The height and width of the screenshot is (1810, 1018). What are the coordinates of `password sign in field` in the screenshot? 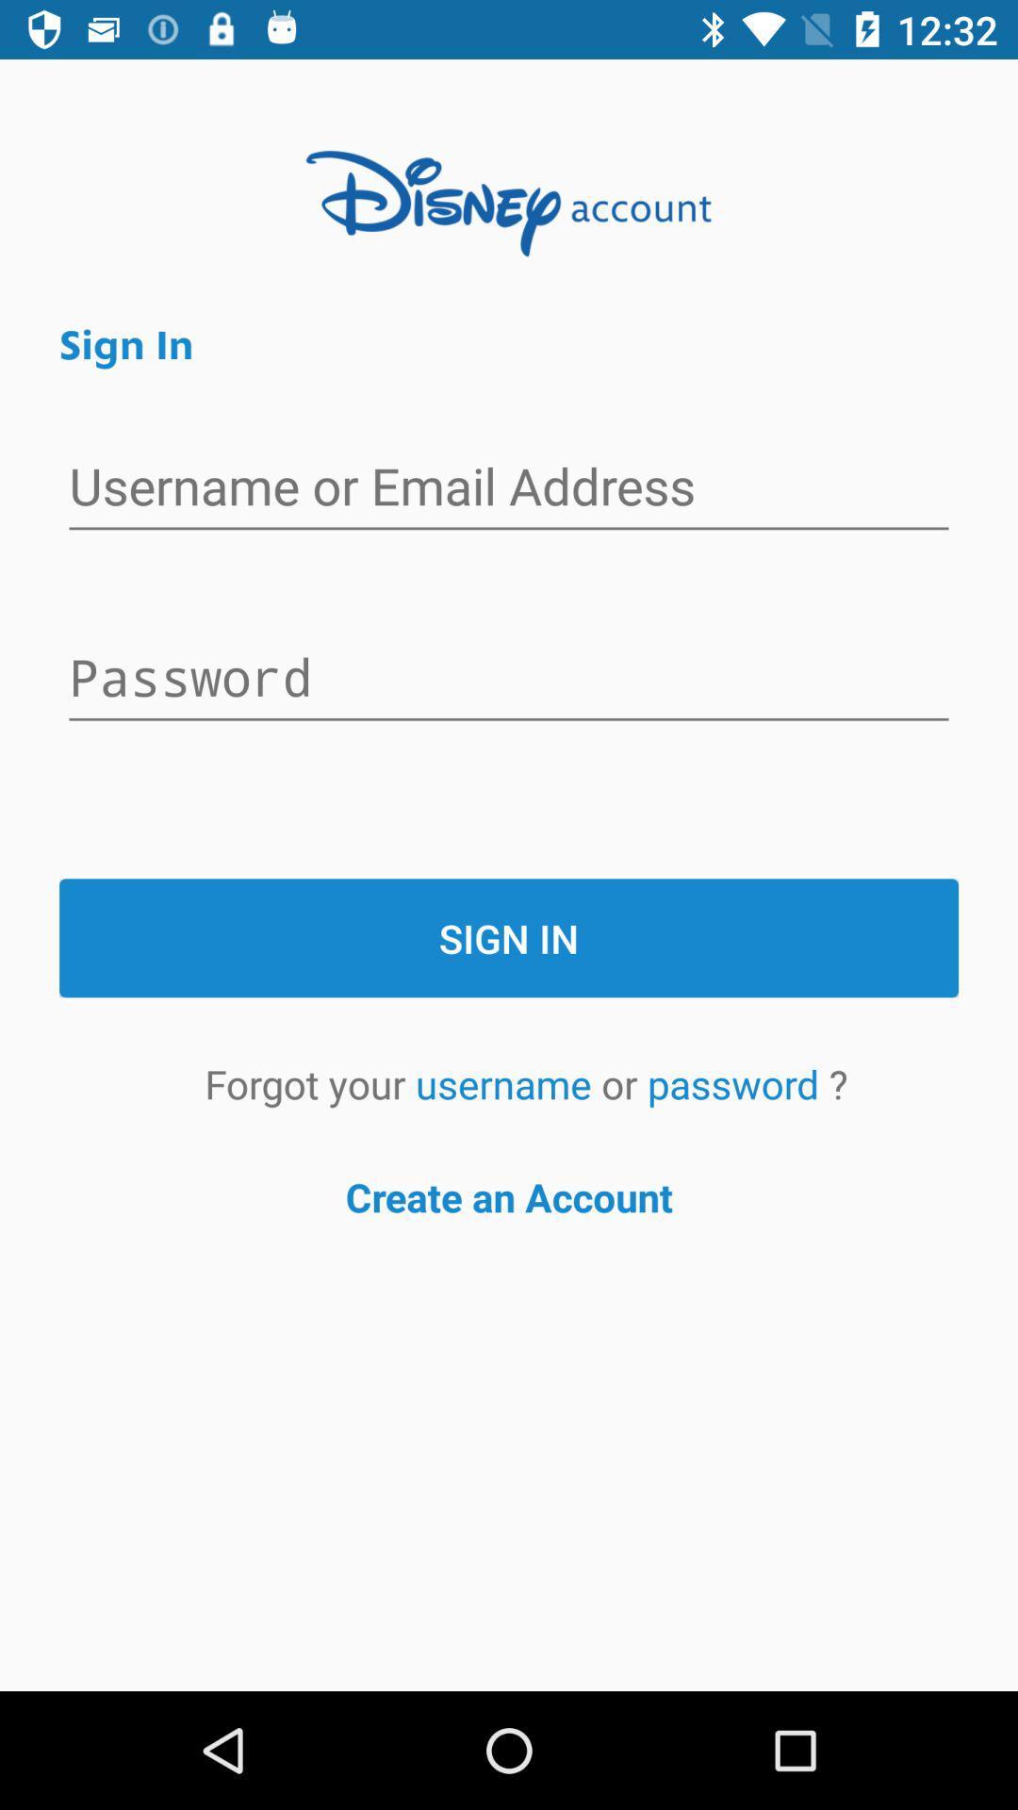 It's located at (509, 679).